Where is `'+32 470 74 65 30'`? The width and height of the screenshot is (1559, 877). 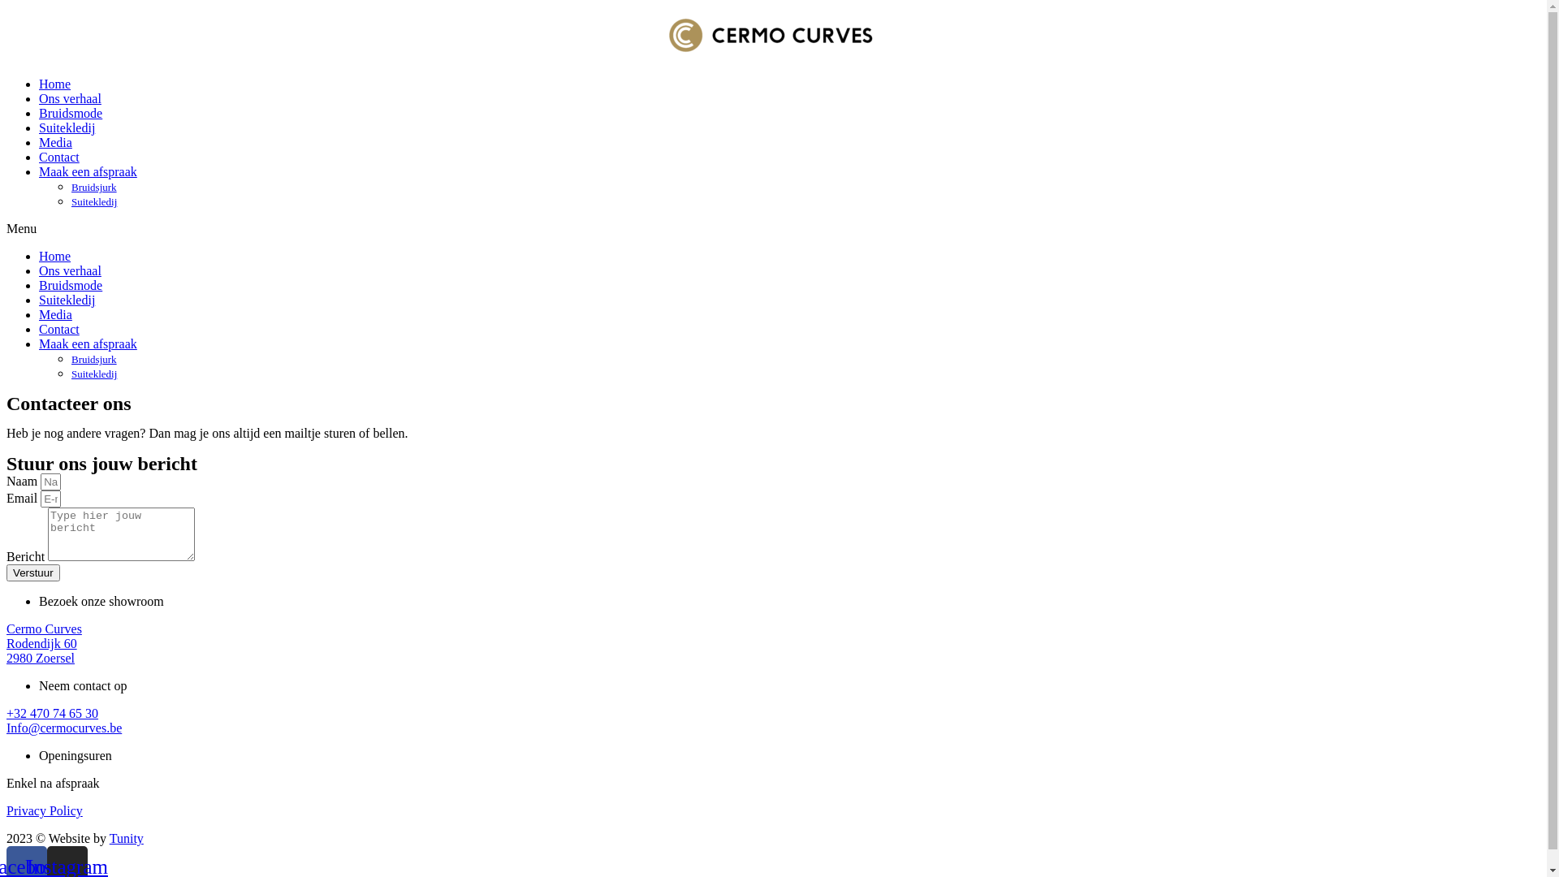
'+32 470 74 65 30' is located at coordinates (52, 712).